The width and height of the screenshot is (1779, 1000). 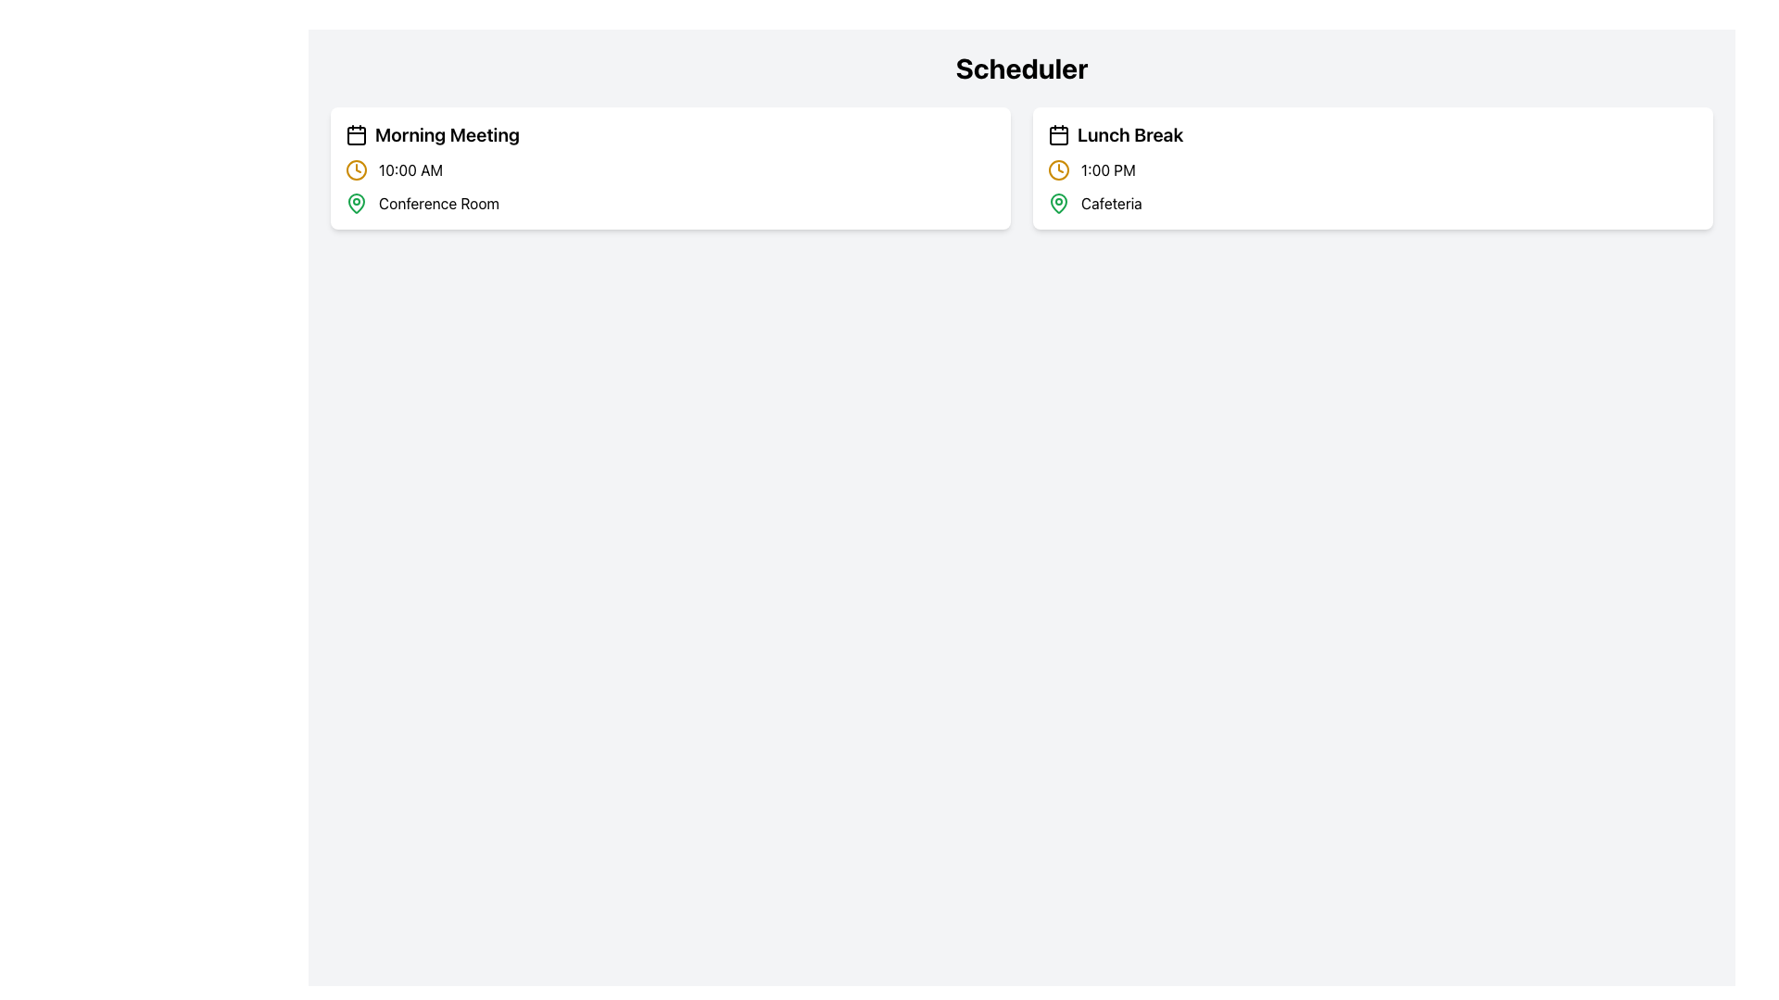 What do you see at coordinates (356, 134) in the screenshot?
I see `the icon representing the 'Morning Meeting' event, located in the left card under the 'Scheduler' header, preceding the text 'Morning Meeting'` at bounding box center [356, 134].